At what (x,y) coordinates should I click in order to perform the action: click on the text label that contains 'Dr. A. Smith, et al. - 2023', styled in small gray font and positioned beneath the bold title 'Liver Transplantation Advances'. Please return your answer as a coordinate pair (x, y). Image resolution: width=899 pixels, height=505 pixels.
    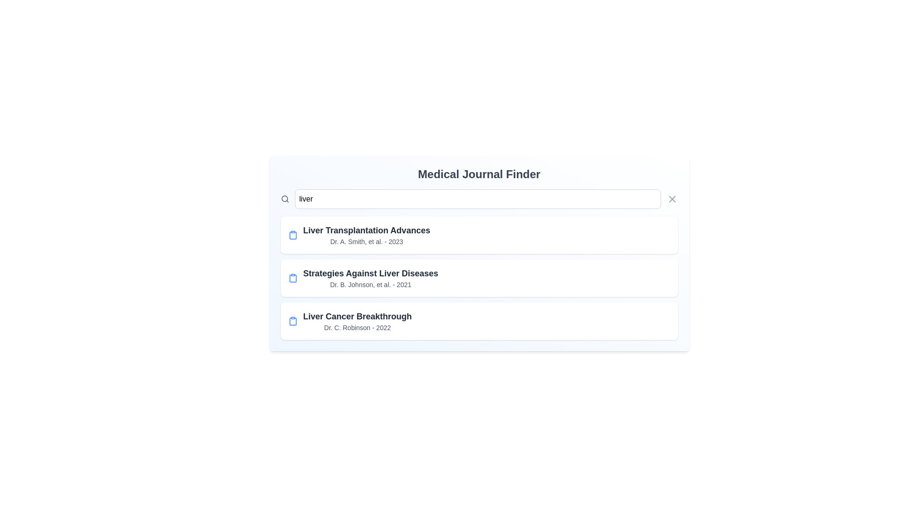
    Looking at the image, I should click on (366, 241).